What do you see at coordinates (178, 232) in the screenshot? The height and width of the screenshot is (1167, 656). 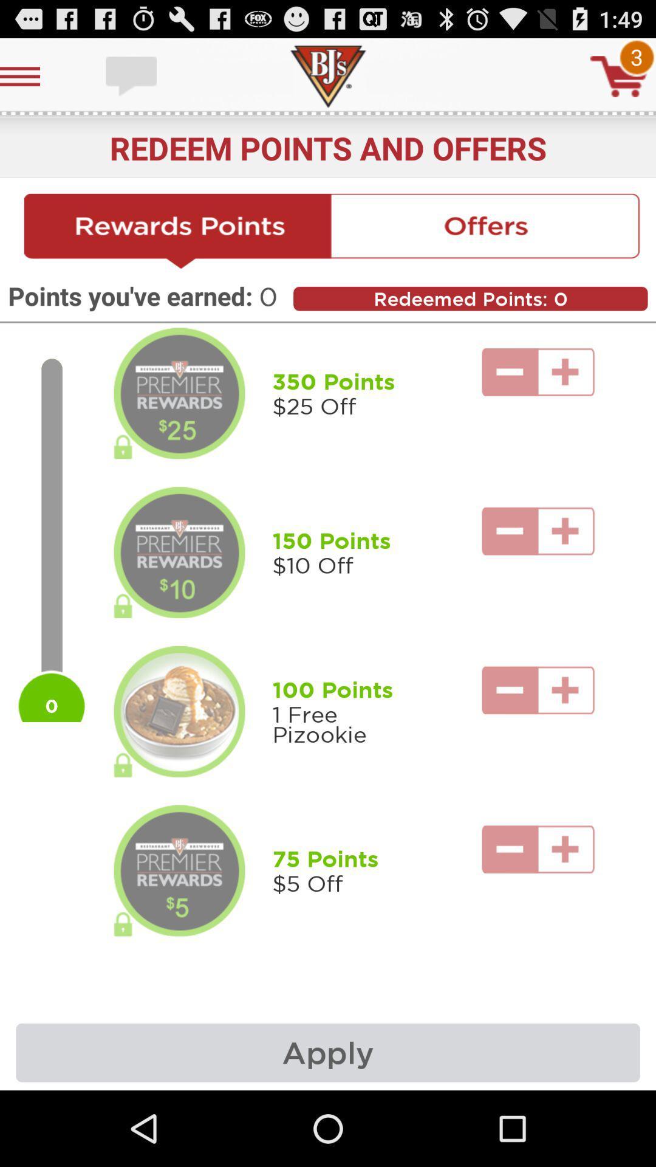 I see `new page` at bounding box center [178, 232].